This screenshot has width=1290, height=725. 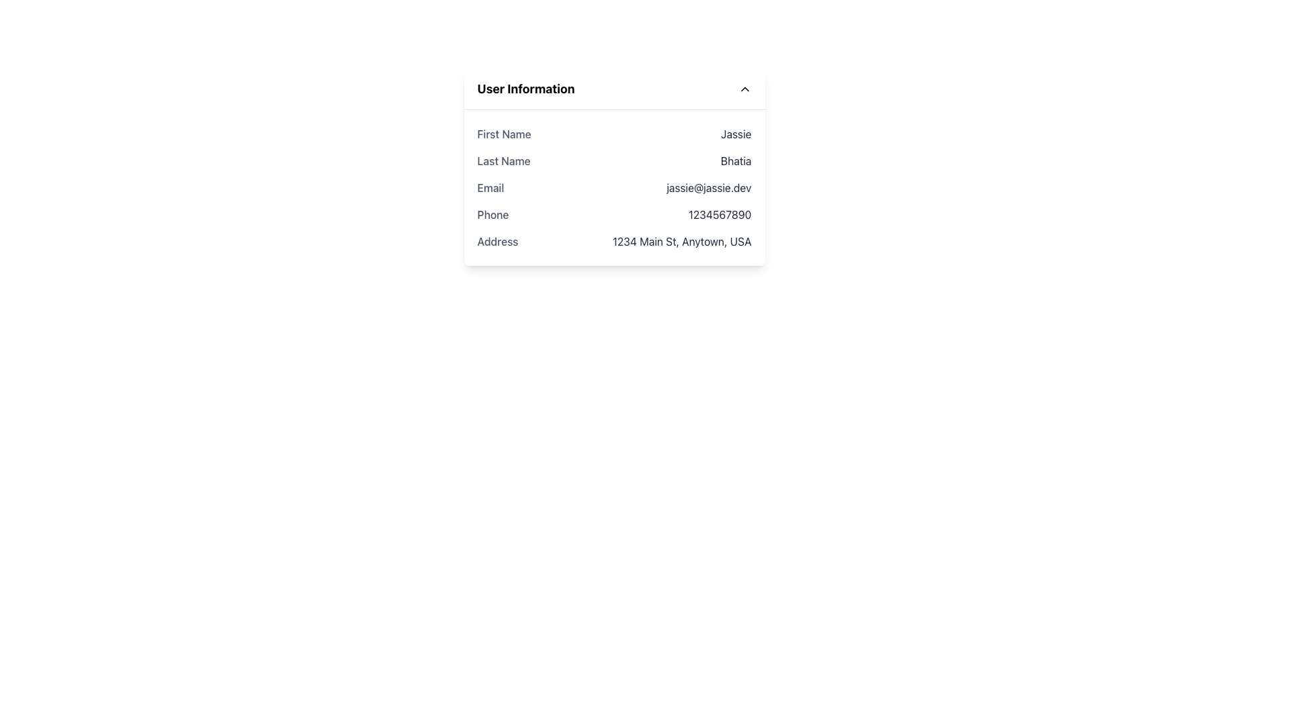 What do you see at coordinates (719, 214) in the screenshot?
I see `numerical text '1234567890' displayed in dark gray color in the second column of the user information card, aligned with the 'Phone' label` at bounding box center [719, 214].